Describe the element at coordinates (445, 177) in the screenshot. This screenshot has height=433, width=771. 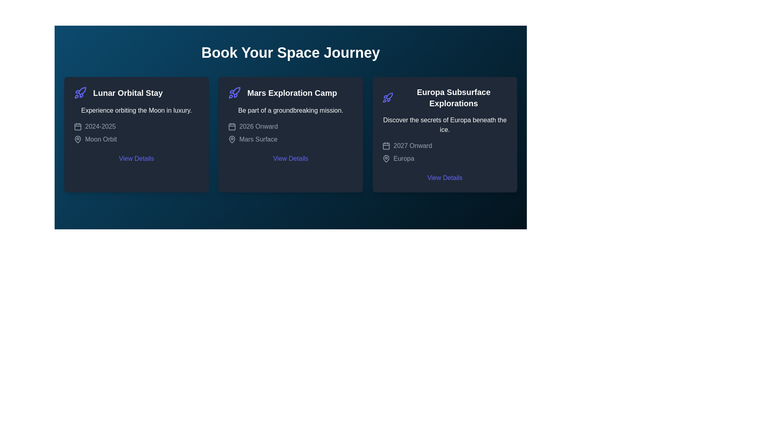
I see `the hyperlink that serves as a navigational link to more information about 'Europa Subsurface Explorations'` at that location.